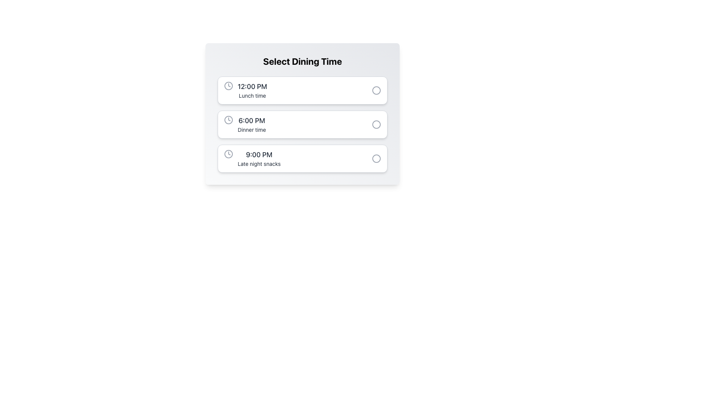 The height and width of the screenshot is (409, 728). I want to click on the '6:00 PM' Text Label that indicates the dinner time option, which is positioned in the second row of a vertically stacked list, aligned to the left, below '12:00 PM' and above '9:00 PM', so click(252, 120).